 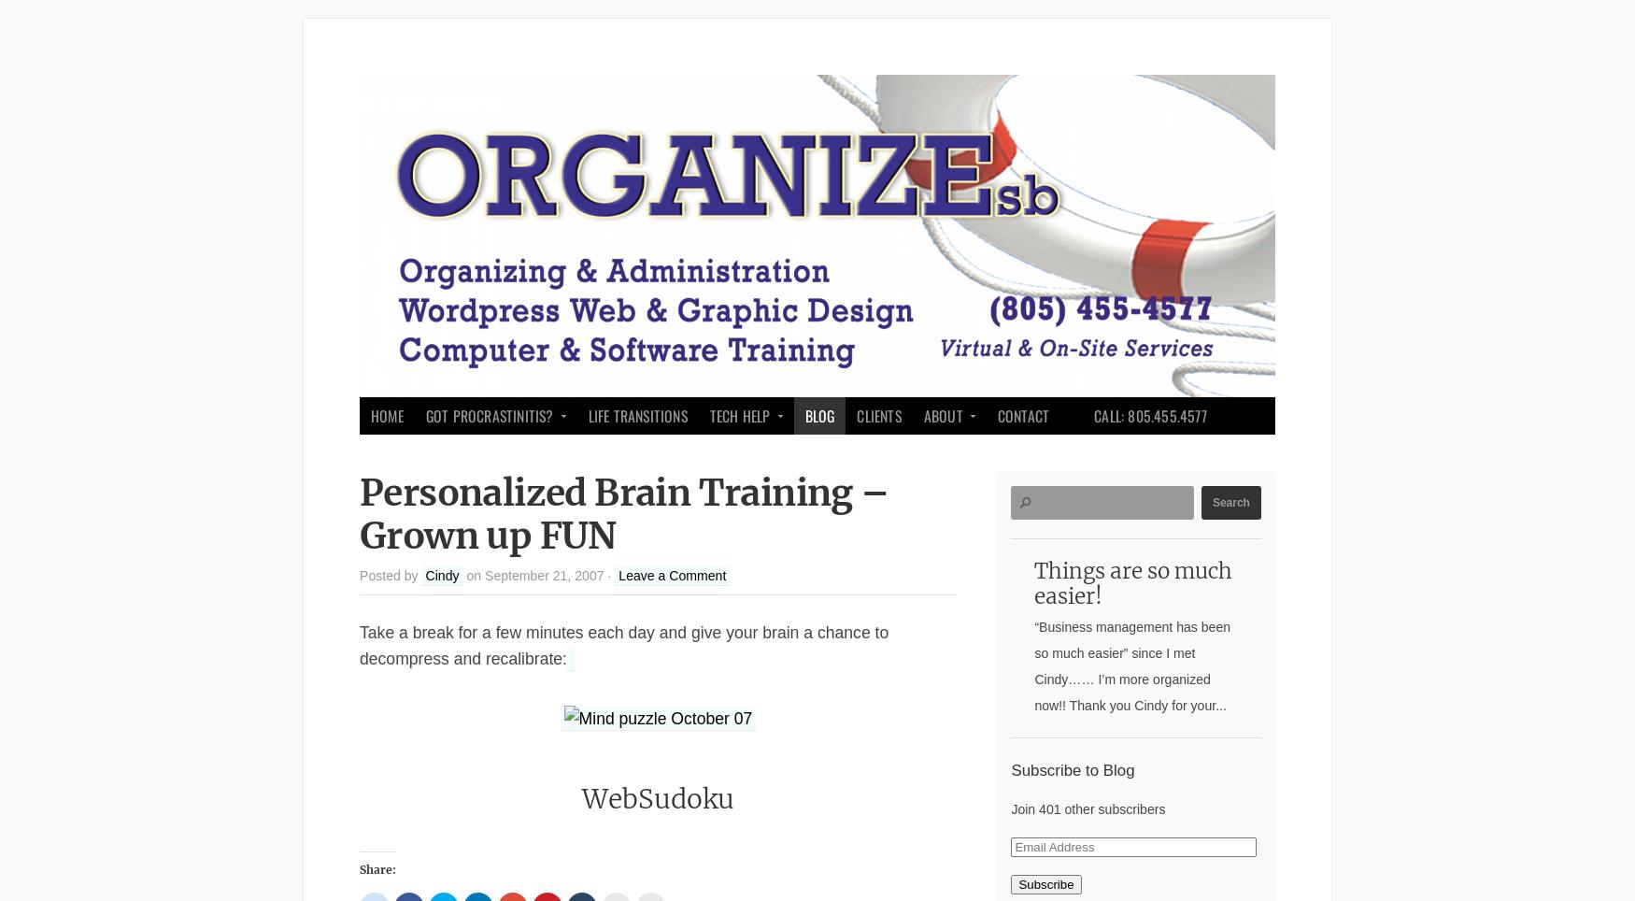 What do you see at coordinates (386, 415) in the screenshot?
I see `'Home'` at bounding box center [386, 415].